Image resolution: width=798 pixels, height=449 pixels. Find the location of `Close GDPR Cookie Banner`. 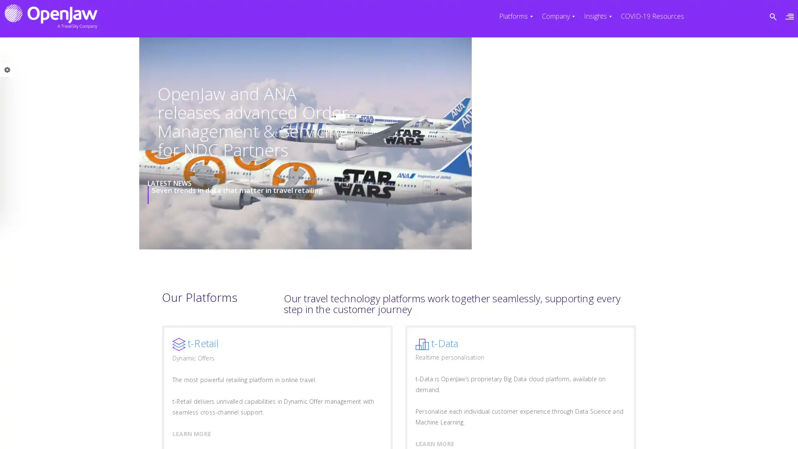

Close GDPR Cookie Banner is located at coordinates (600, 432).